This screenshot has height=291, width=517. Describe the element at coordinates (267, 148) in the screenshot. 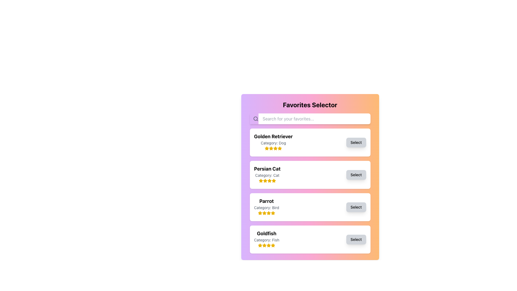

I see `the first yellow star icon in the rating system for the 'Golden Retriever' item to interact with the rating system` at that location.